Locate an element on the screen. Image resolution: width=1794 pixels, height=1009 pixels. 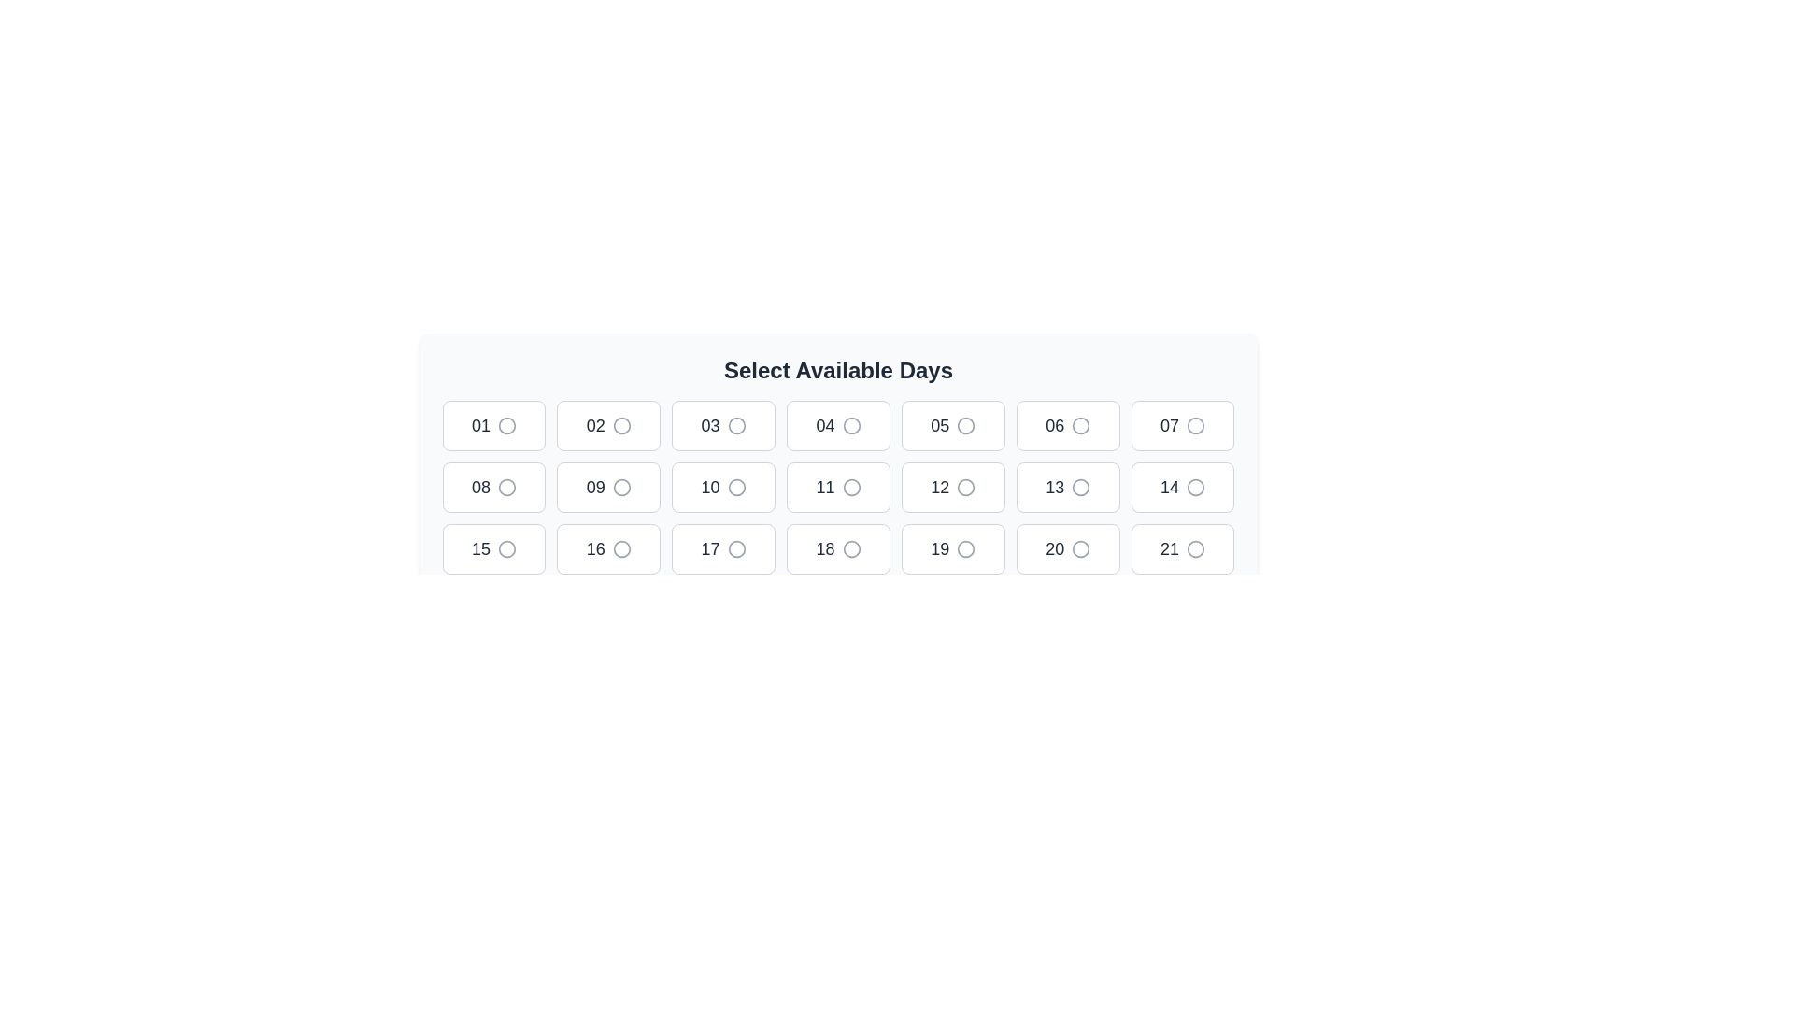
the selectable day button located in the third row and seventh column of the calendar interface, positioned below the button labeled '18' and to the left of the button labeled '20' is located at coordinates (953, 547).